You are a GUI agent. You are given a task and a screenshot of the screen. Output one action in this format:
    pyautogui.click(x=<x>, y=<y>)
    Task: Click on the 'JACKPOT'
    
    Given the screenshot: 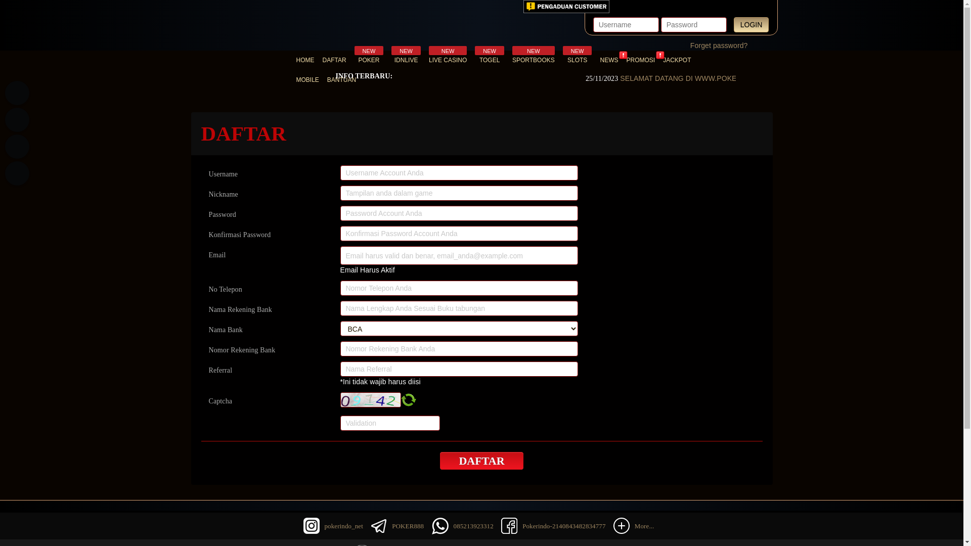 What is the action you would take?
    pyautogui.click(x=677, y=60)
    